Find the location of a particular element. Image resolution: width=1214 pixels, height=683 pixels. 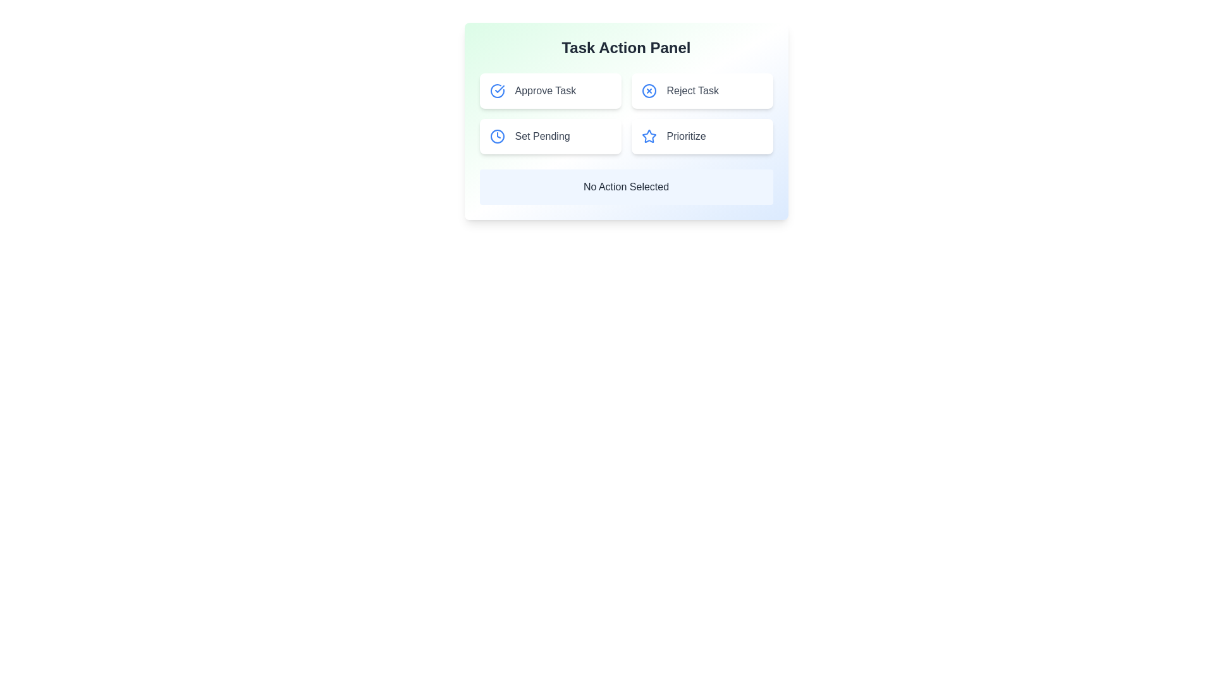

the blue checkmark icon that signifies approval, located to the left of the 'Approve Task' button in the Task Action Panel is located at coordinates (496, 90).